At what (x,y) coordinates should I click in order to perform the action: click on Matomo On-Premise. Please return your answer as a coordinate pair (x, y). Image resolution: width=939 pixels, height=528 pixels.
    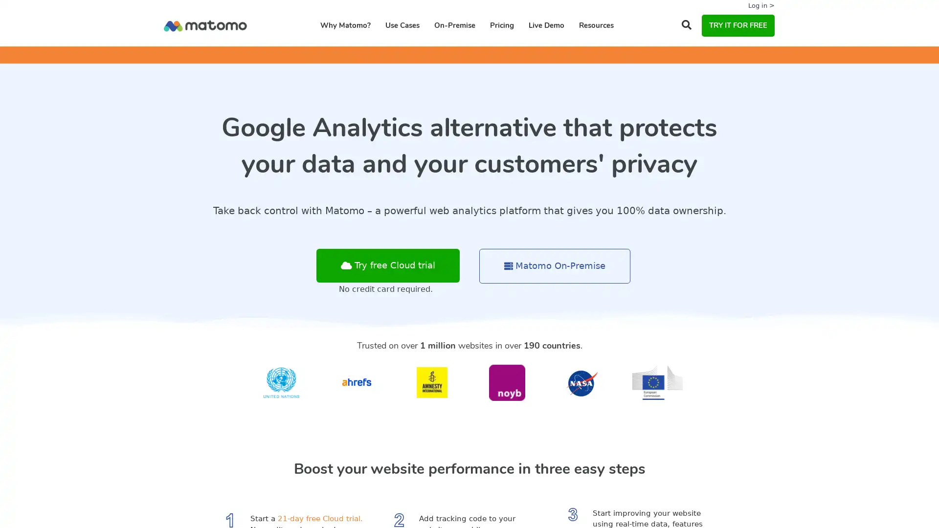
    Looking at the image, I should click on (555, 266).